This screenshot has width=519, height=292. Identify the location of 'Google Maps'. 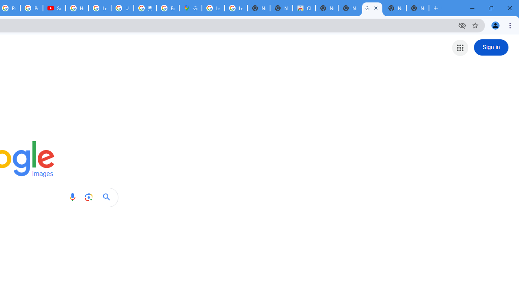
(190, 8).